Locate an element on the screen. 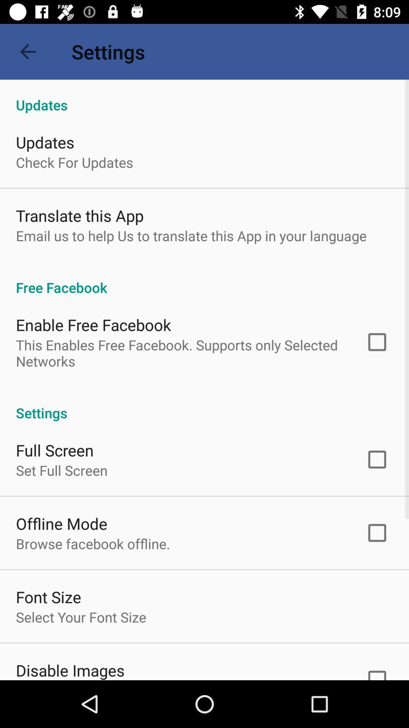 This screenshot has height=728, width=409. icon below enable free facebook item is located at coordinates (181, 353).